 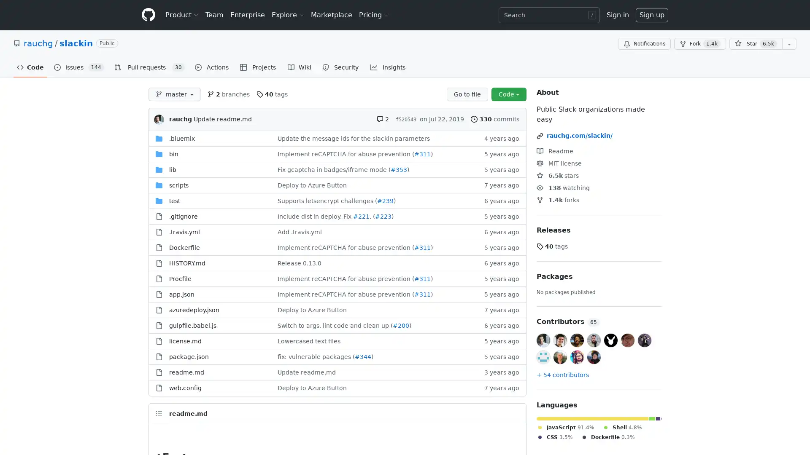 I want to click on You must be signed in to add this repository to a list, so click(x=789, y=44).